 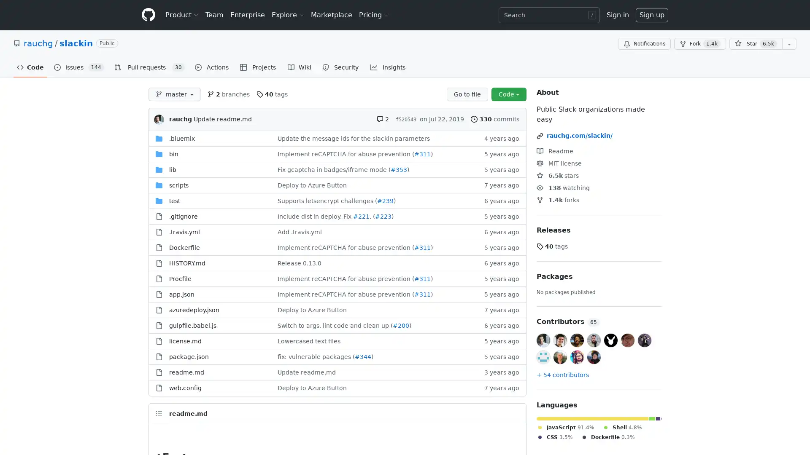 I want to click on You must be signed in to add this repository to a list, so click(x=789, y=44).